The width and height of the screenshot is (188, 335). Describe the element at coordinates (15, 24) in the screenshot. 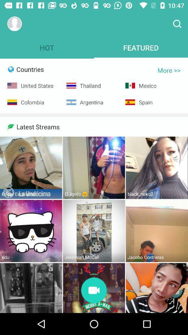

I see `profile` at that location.